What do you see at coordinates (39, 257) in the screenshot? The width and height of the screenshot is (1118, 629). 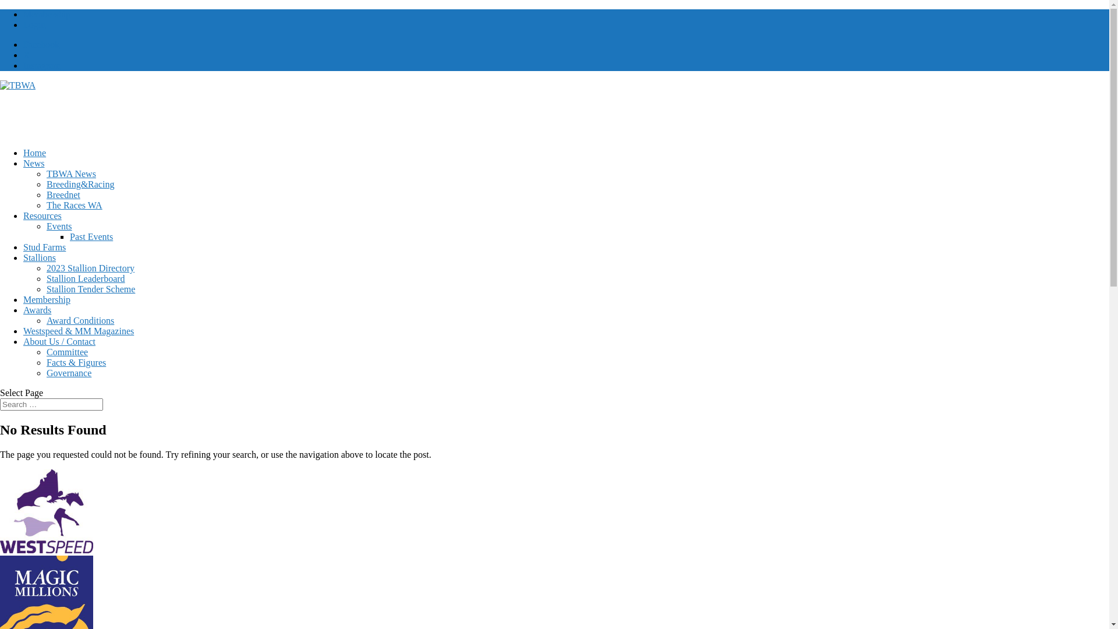 I see `'Stallions'` at bounding box center [39, 257].